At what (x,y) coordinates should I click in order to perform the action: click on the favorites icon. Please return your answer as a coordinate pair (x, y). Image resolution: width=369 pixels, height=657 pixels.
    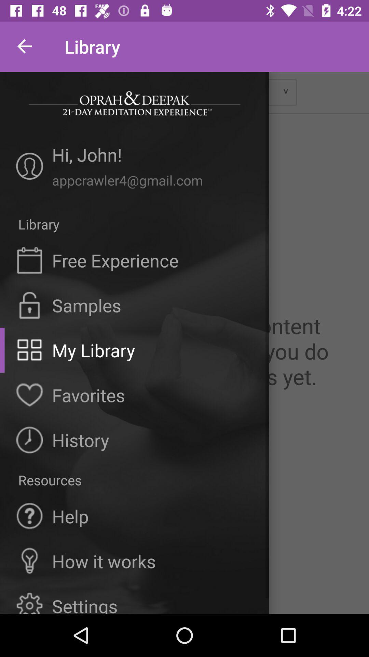
    Looking at the image, I should click on (88, 395).